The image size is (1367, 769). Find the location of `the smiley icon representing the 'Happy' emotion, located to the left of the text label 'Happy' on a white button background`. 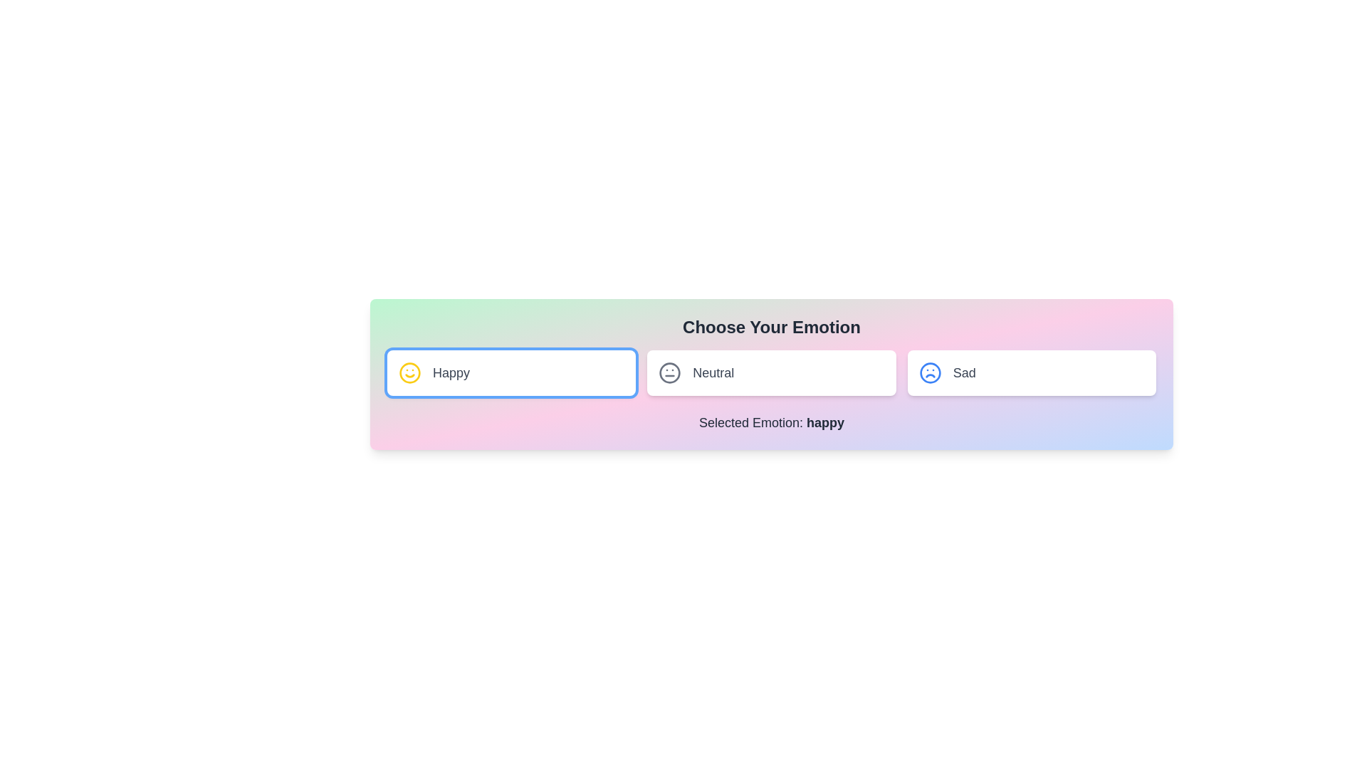

the smiley icon representing the 'Happy' emotion, located to the left of the text label 'Happy' on a white button background is located at coordinates (409, 372).